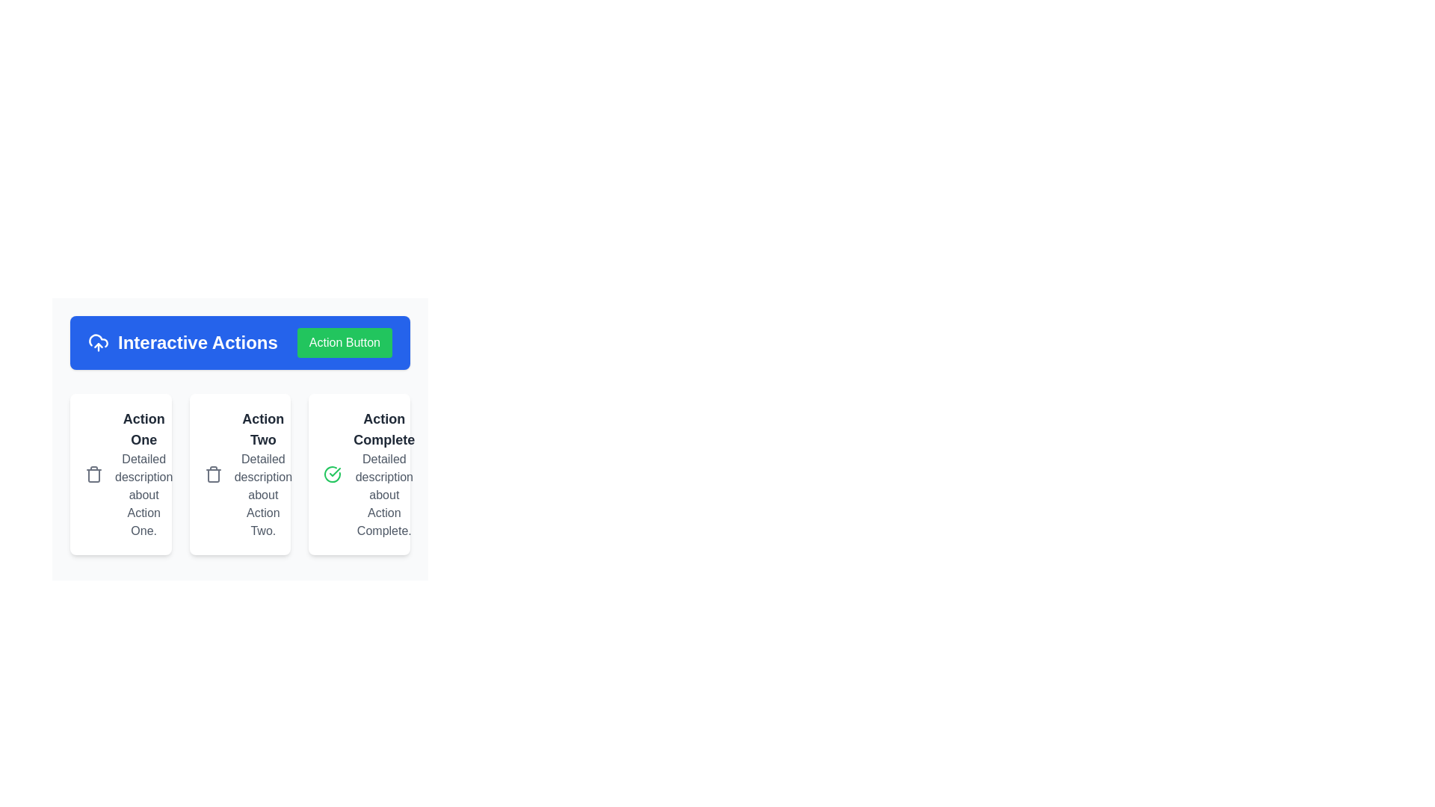 Image resolution: width=1435 pixels, height=807 pixels. Describe the element at coordinates (240, 343) in the screenshot. I see `text 'Interactive Actions' displayed on the section block with a blue background, which contains a green button labeled 'Action Button.'` at that location.